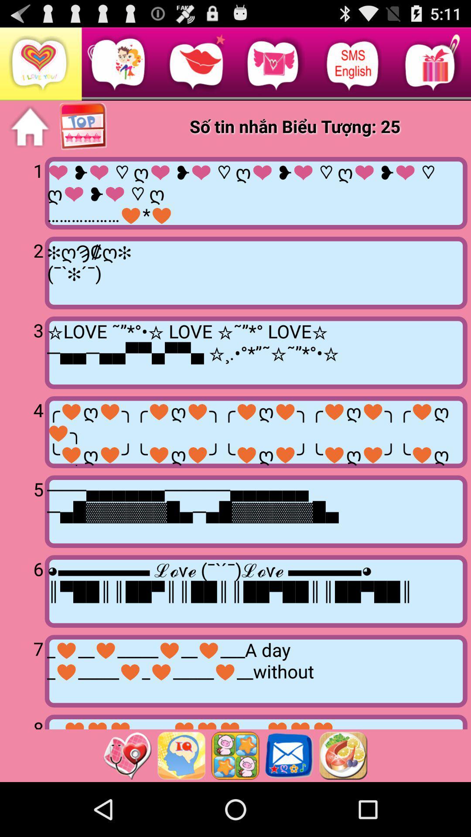 The height and width of the screenshot is (837, 471). Describe the element at coordinates (84, 126) in the screenshot. I see `page top` at that location.